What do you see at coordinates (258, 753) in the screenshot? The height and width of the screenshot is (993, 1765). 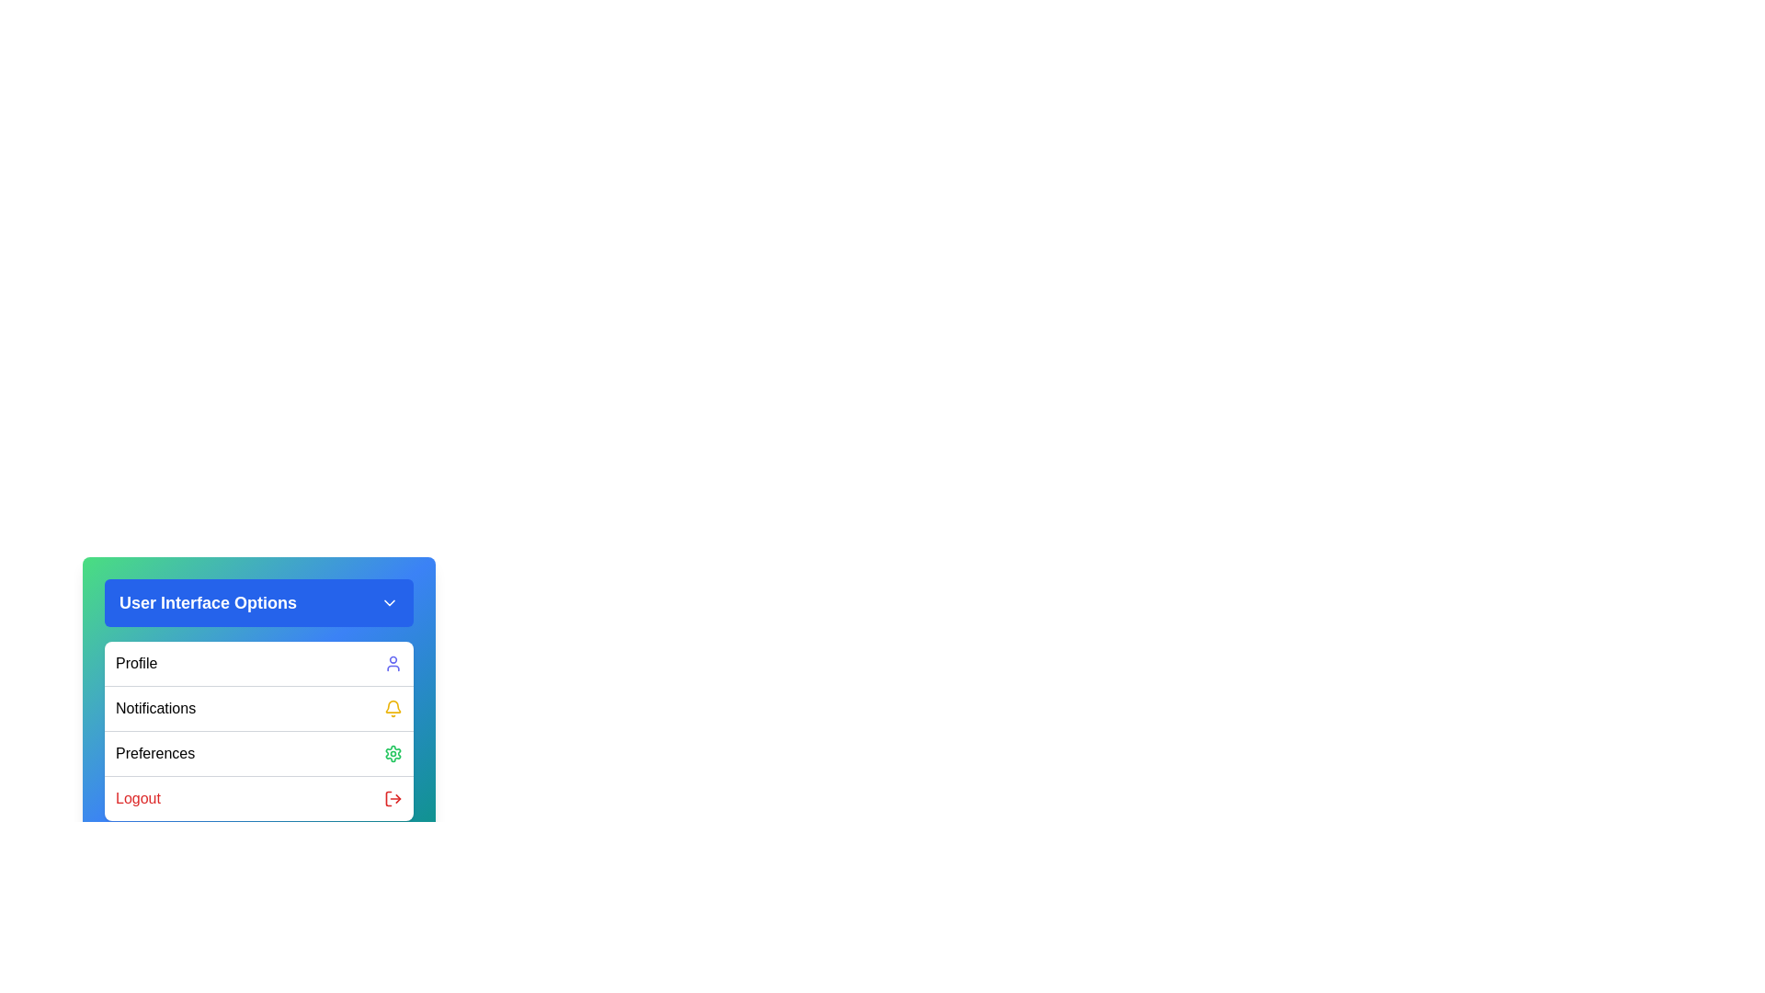 I see `the 'Preferences' option in the menu` at bounding box center [258, 753].